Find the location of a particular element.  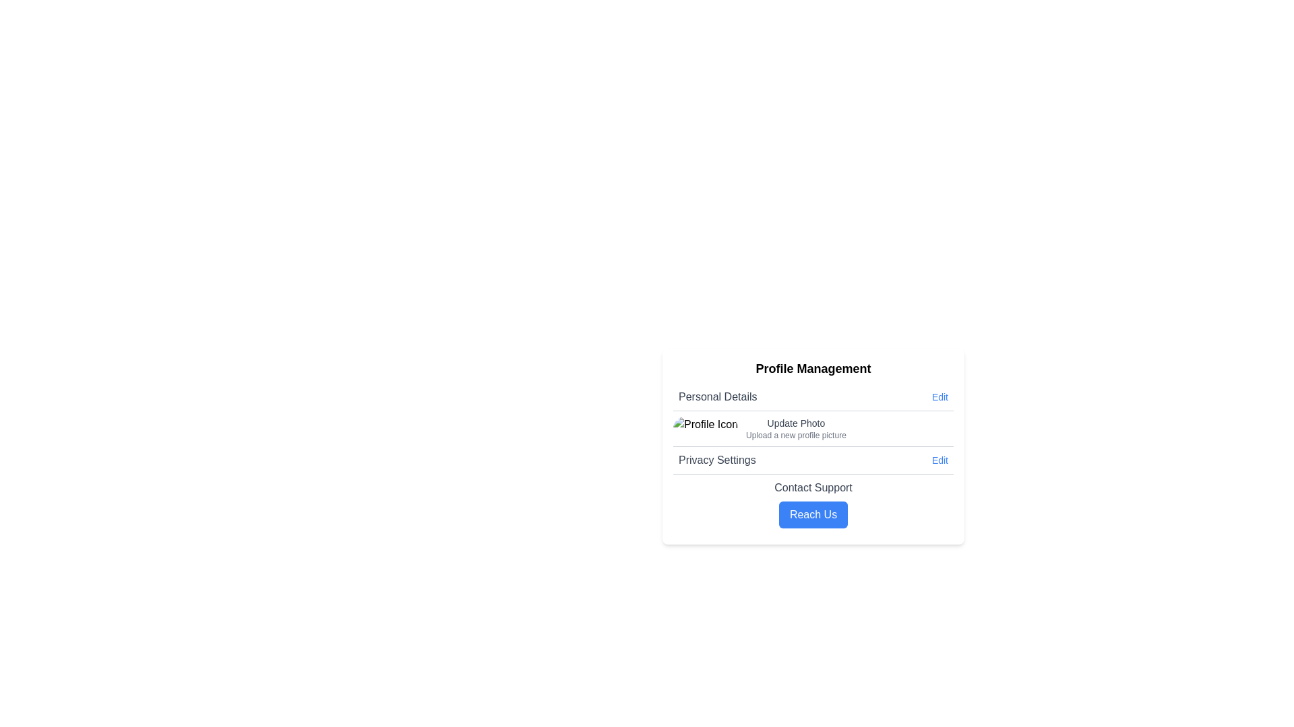

the informational text block titled 'Update Photo' which contains the subtitle 'Upload a new profile picture', located in the 'Profile Management' section is located at coordinates (796, 428).